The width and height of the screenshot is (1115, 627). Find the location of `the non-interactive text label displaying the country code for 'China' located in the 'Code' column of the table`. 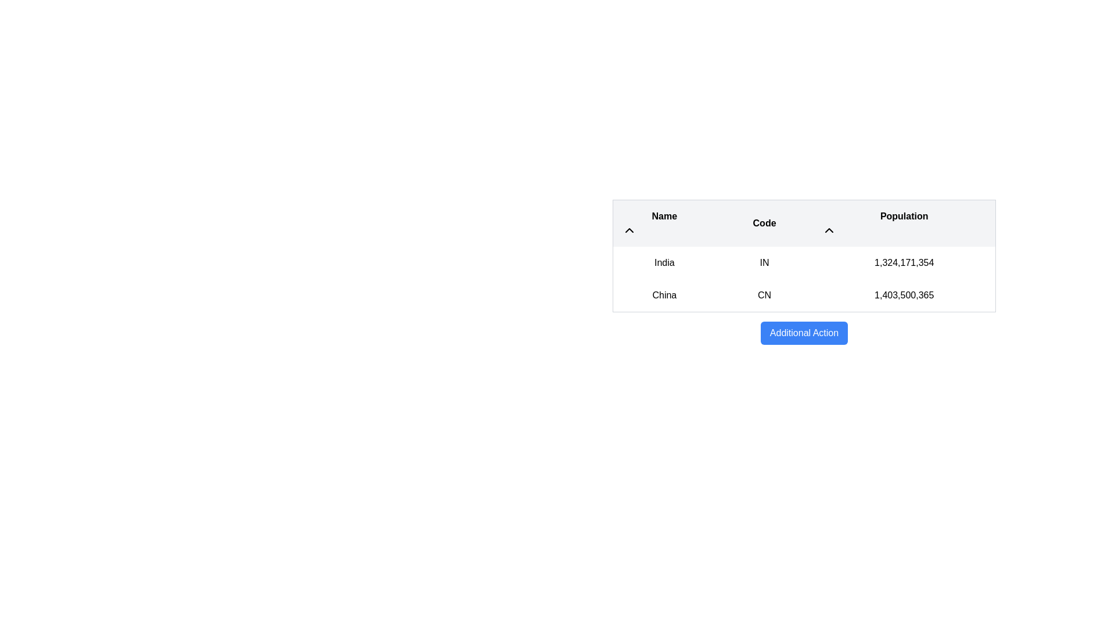

the non-interactive text label displaying the country code for 'China' located in the 'Code' column of the table is located at coordinates (764, 295).